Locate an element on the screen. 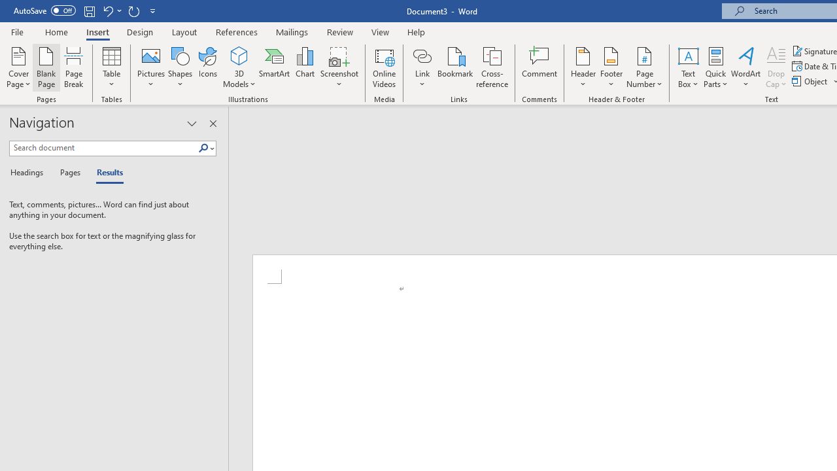 This screenshot has height=471, width=837. 'Undo New Page' is located at coordinates (107, 10).